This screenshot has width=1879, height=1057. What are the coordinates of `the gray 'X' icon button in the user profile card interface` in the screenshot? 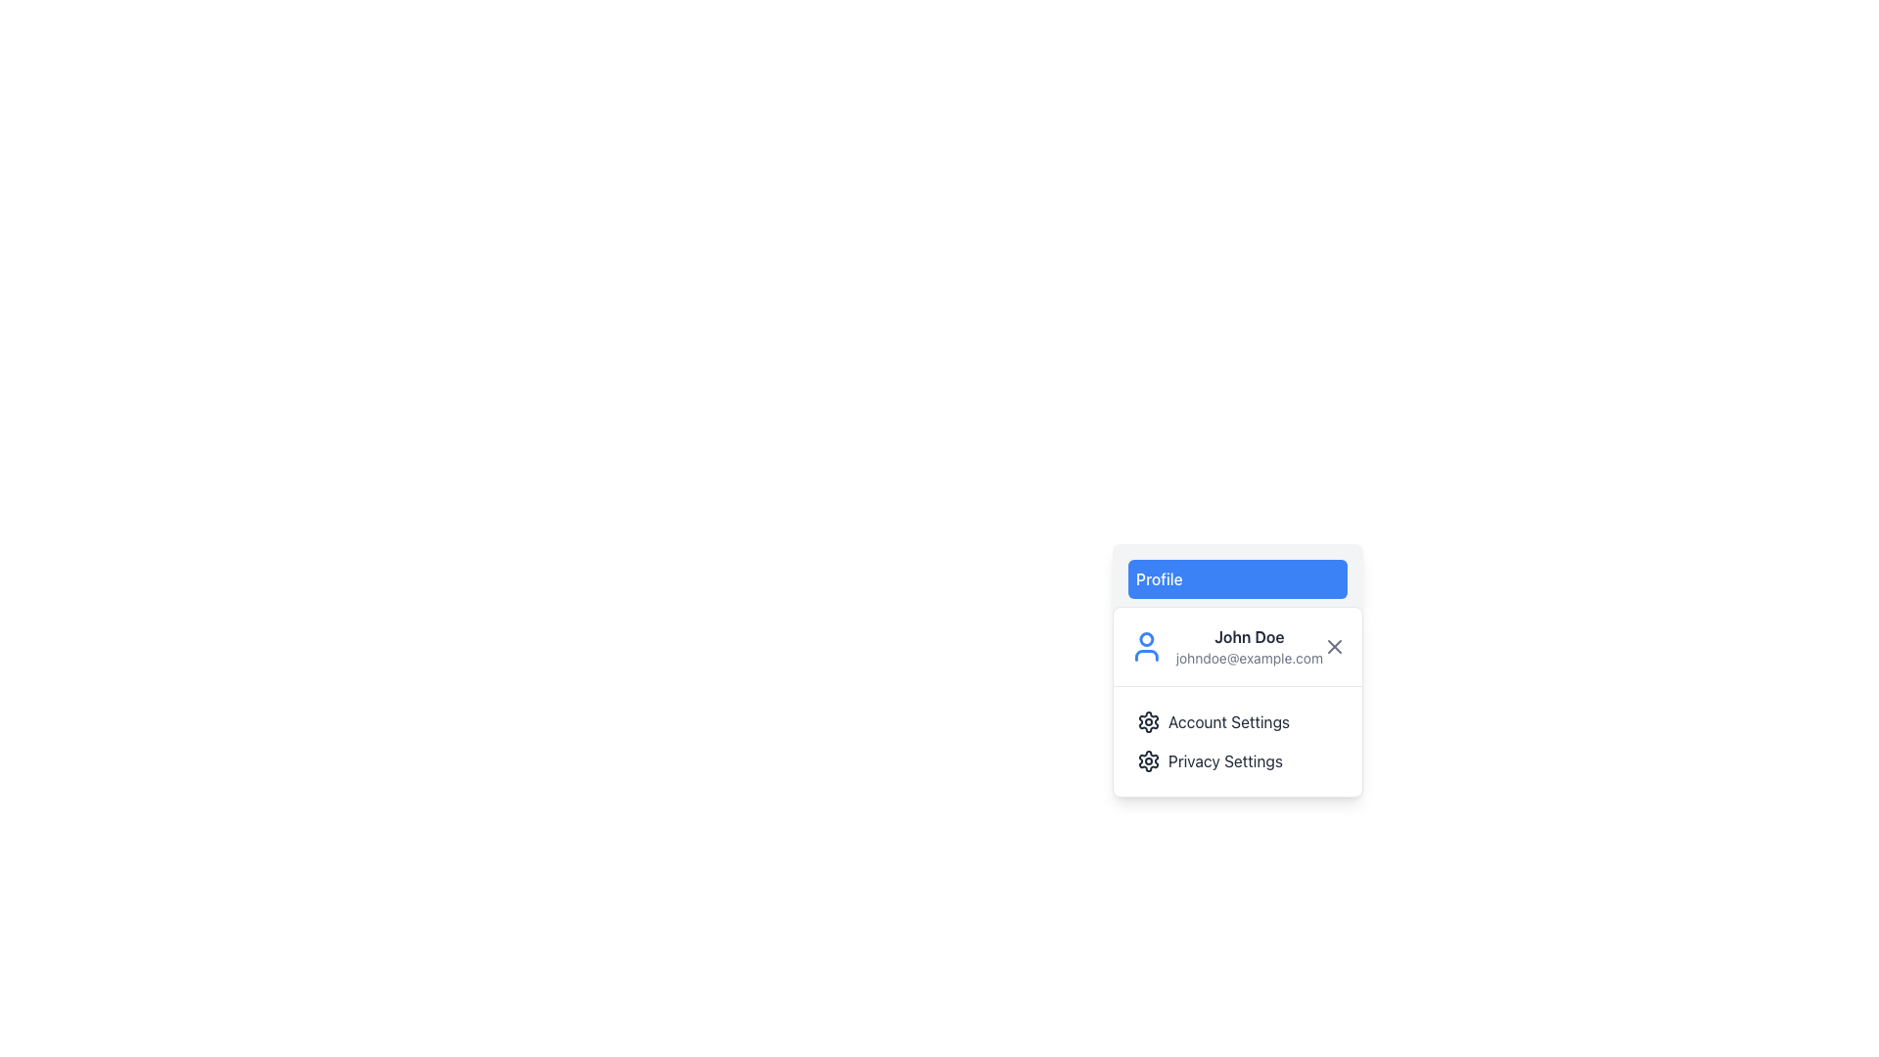 It's located at (1333, 646).